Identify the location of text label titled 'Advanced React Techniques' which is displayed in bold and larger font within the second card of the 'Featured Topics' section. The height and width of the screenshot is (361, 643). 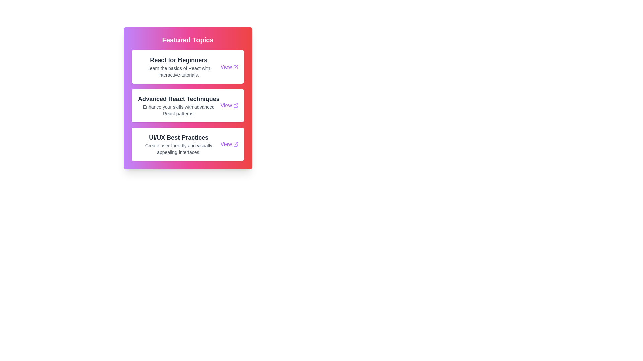
(178, 99).